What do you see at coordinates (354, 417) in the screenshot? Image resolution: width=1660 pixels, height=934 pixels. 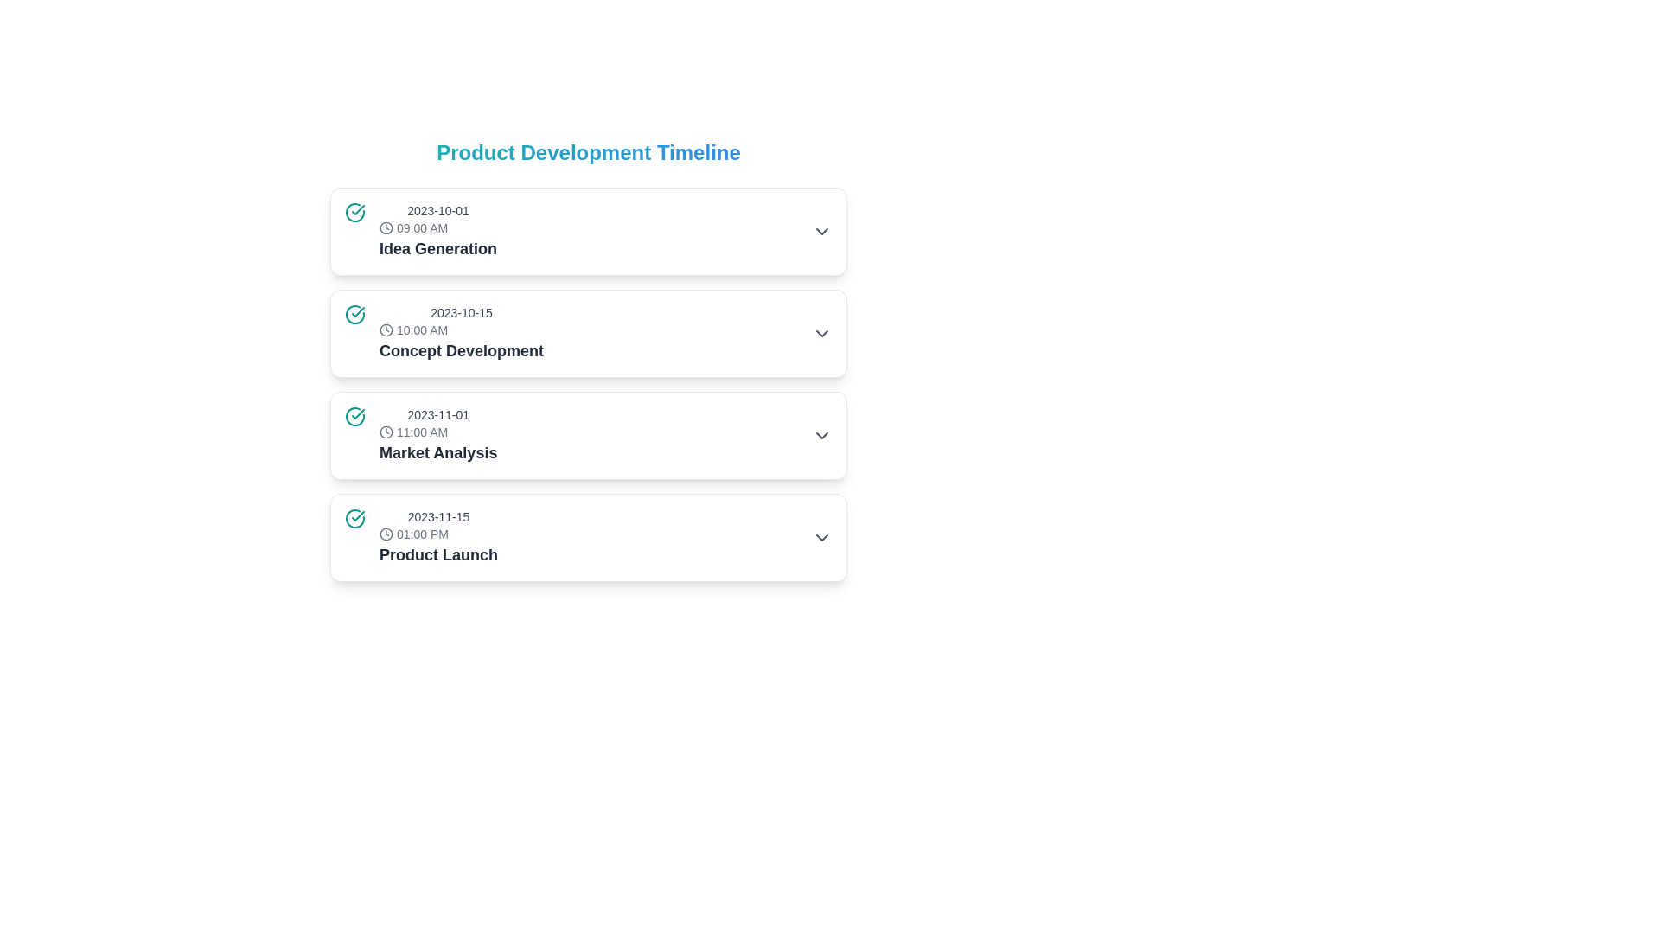 I see `the circular teal outlined icon with a checkmark that represents the completion status for the 'Market Analysis' entry on November 1, 2023` at bounding box center [354, 417].